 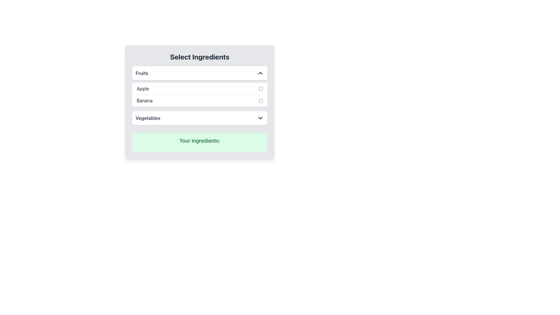 What do you see at coordinates (260, 100) in the screenshot?
I see `the checkbox positioned at the far right of the entry labeled 'Banana'` at bounding box center [260, 100].